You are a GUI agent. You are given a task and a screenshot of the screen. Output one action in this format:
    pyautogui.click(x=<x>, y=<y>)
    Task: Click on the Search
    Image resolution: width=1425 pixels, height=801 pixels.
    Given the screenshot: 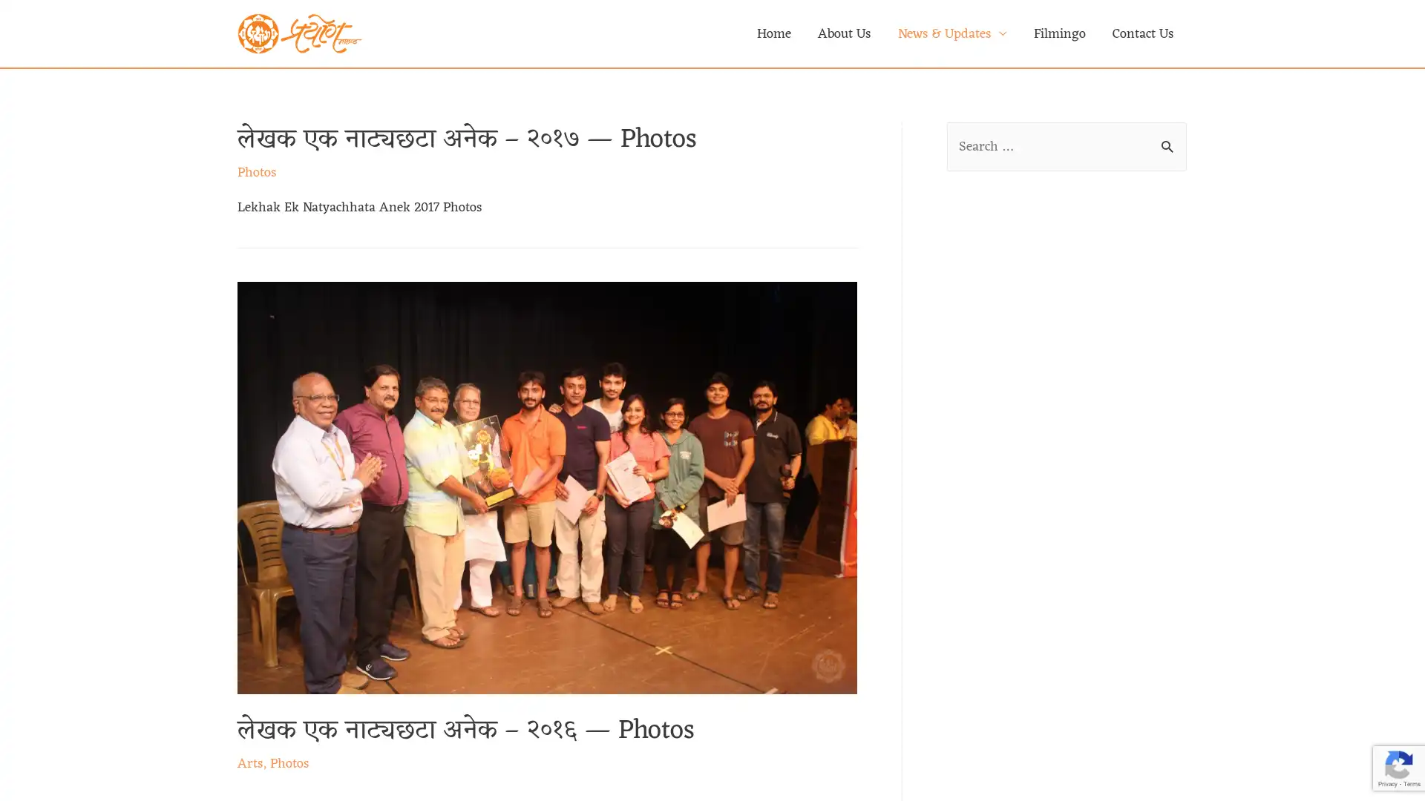 What is the action you would take?
    pyautogui.click(x=1169, y=138)
    